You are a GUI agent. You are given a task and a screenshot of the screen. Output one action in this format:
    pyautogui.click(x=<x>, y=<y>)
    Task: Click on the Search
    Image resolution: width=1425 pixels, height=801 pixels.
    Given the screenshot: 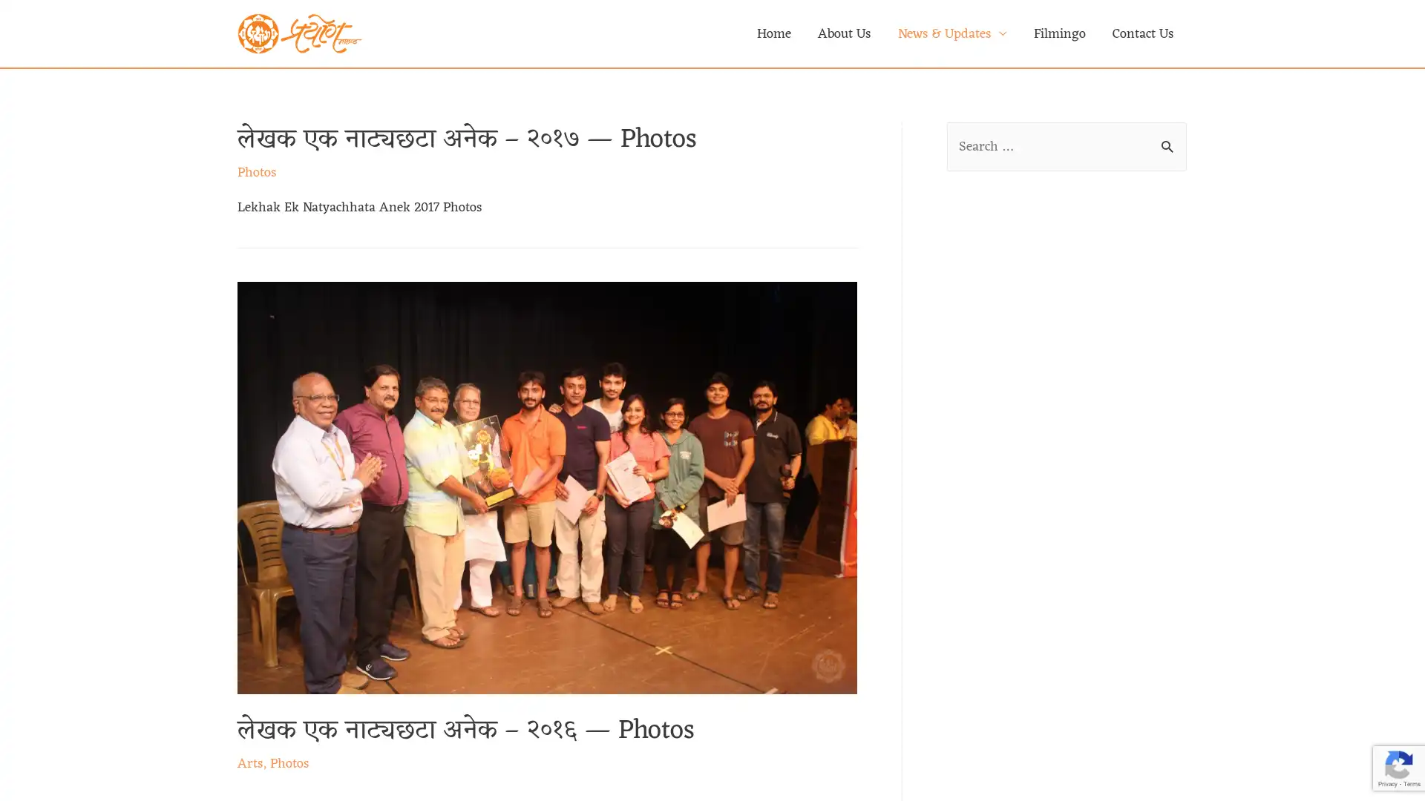 What is the action you would take?
    pyautogui.click(x=1169, y=138)
    